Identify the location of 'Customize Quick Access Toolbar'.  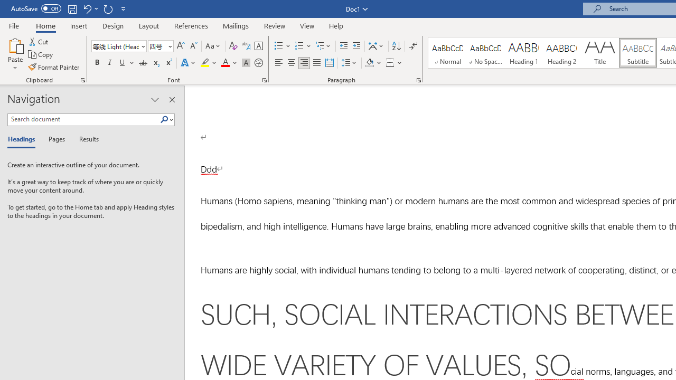
(124, 8).